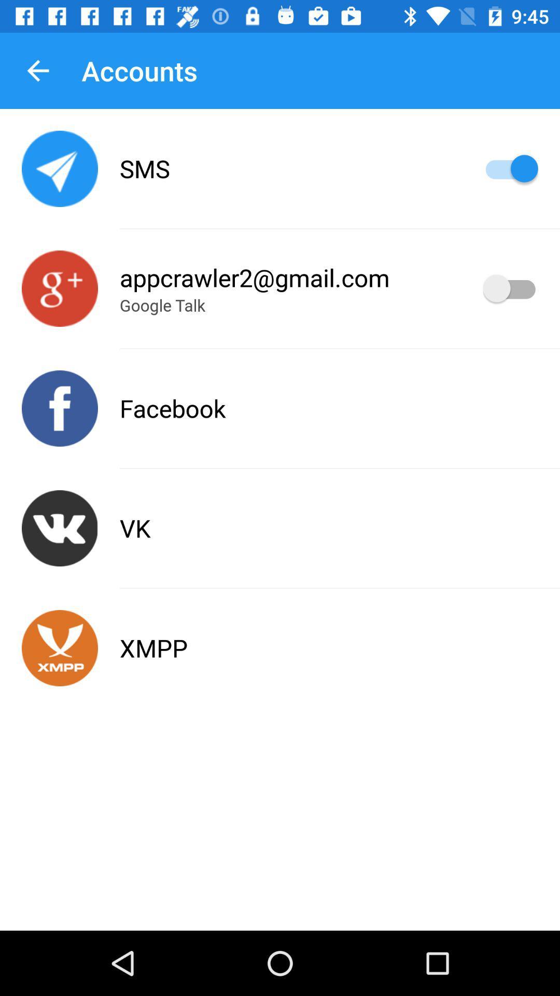 The image size is (560, 996). Describe the element at coordinates (60, 288) in the screenshot. I see `application link` at that location.